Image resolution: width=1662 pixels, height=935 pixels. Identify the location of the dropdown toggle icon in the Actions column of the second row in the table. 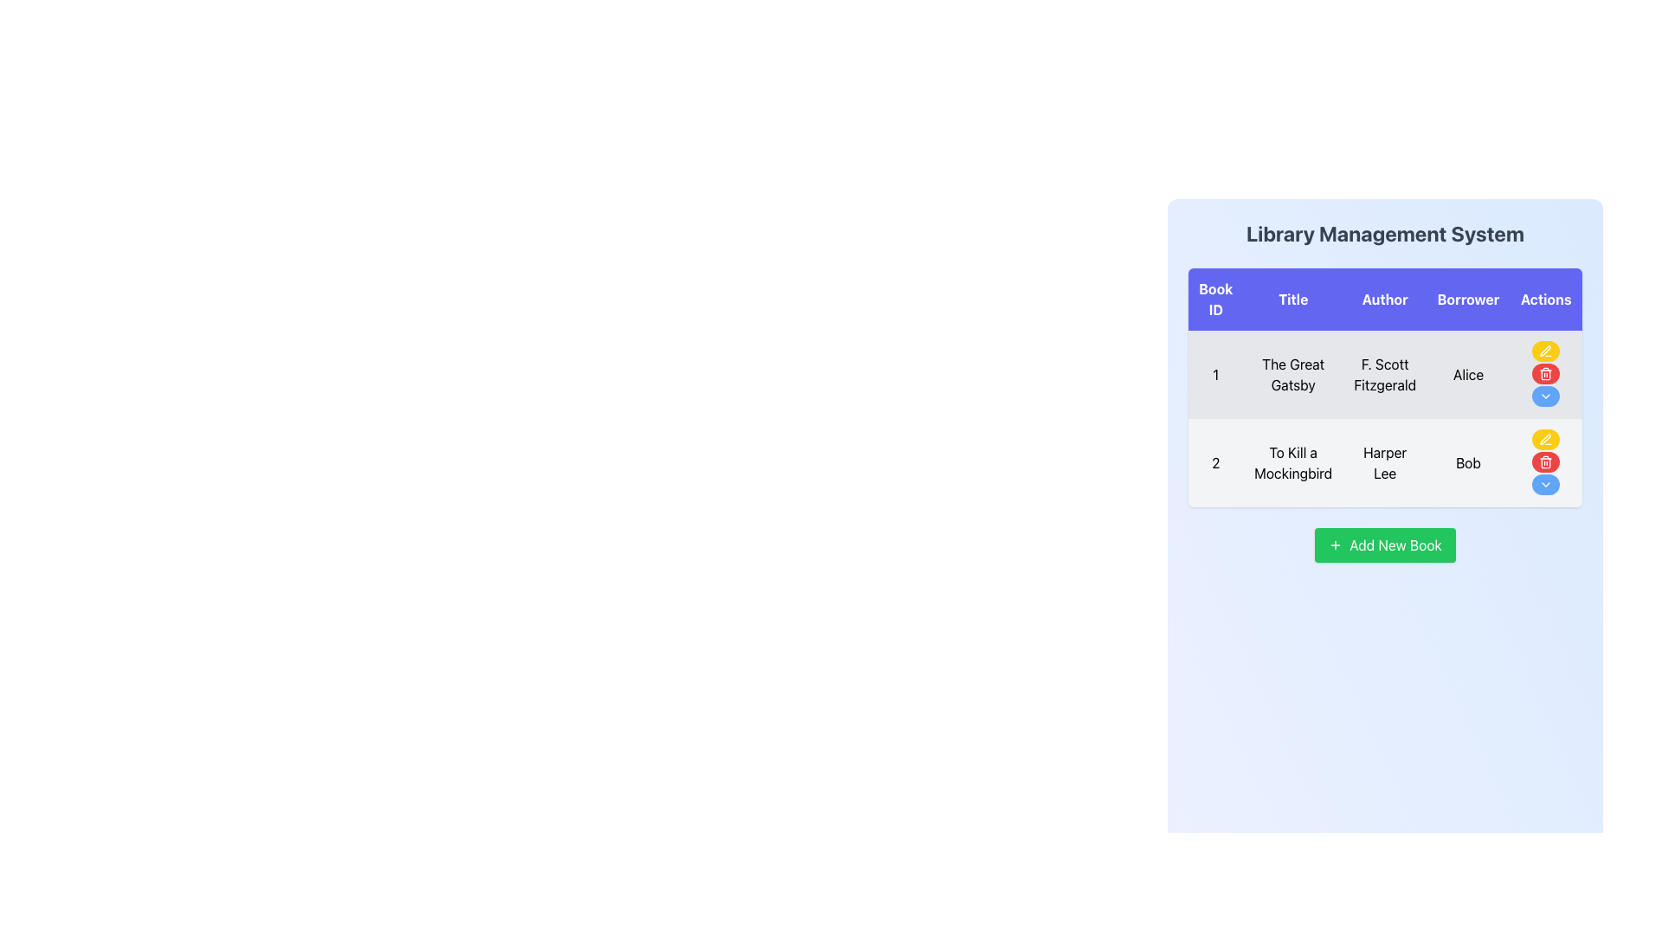
(1545, 397).